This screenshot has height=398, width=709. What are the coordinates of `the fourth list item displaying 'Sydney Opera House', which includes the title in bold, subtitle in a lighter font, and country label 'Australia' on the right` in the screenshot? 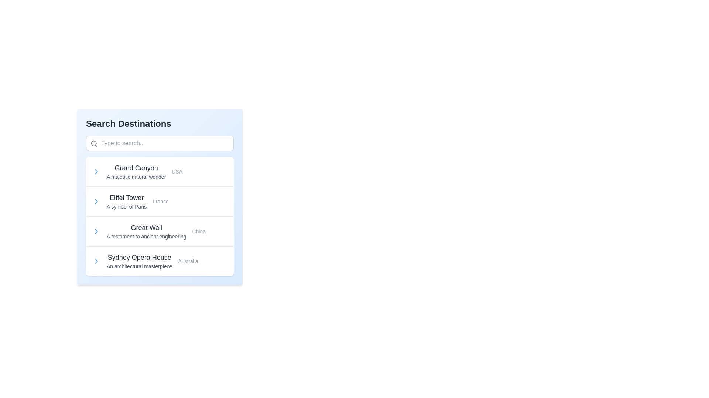 It's located at (159, 261).